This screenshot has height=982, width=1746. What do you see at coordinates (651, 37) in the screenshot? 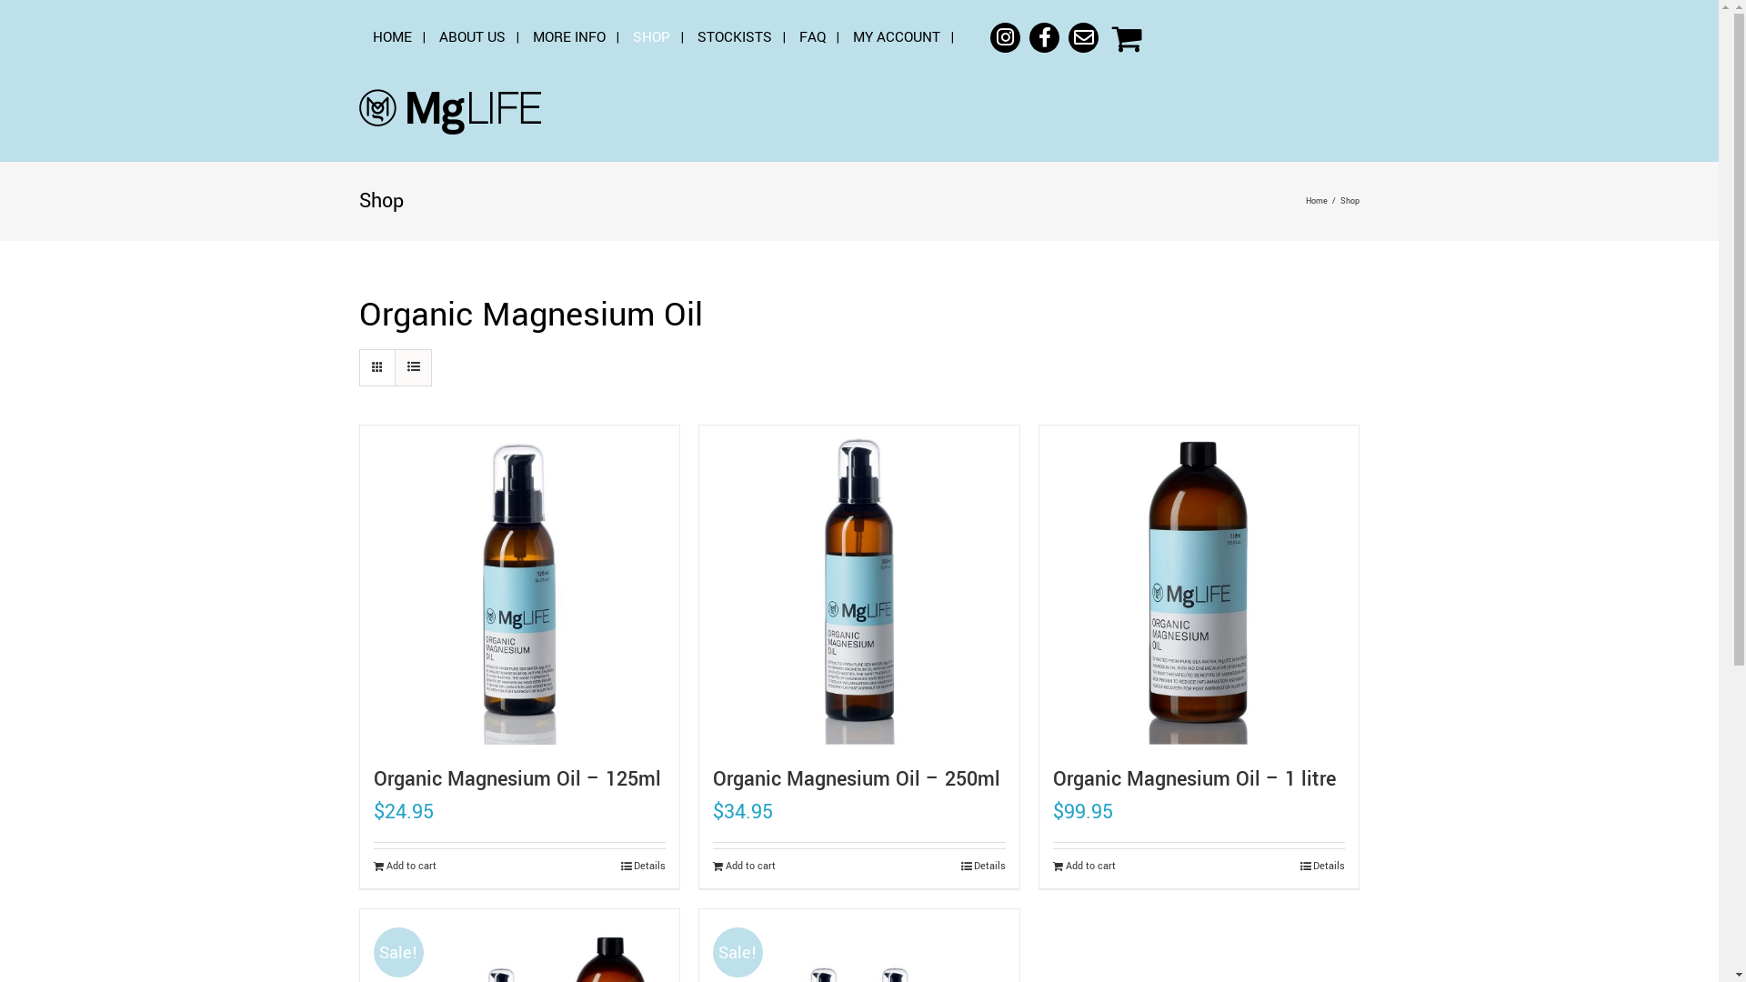
I see `'SHOP'` at bounding box center [651, 37].